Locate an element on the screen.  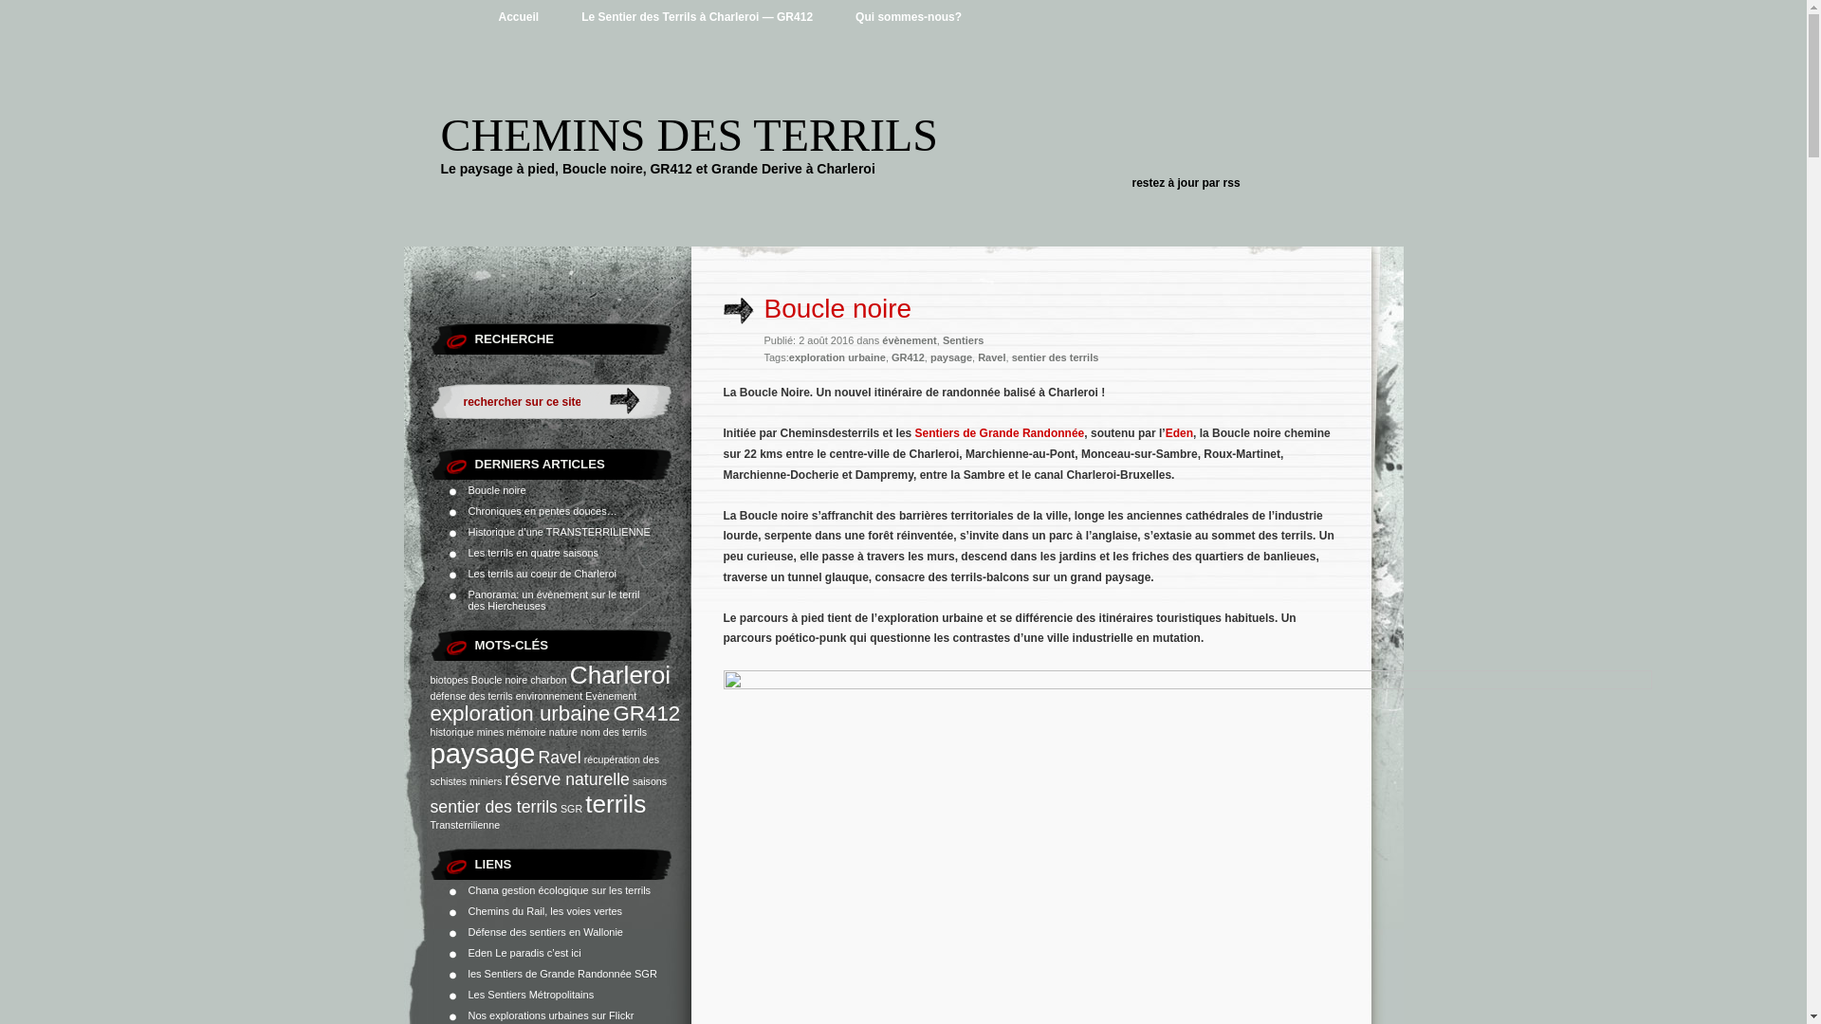
'Transterrilienne' is located at coordinates (465, 824).